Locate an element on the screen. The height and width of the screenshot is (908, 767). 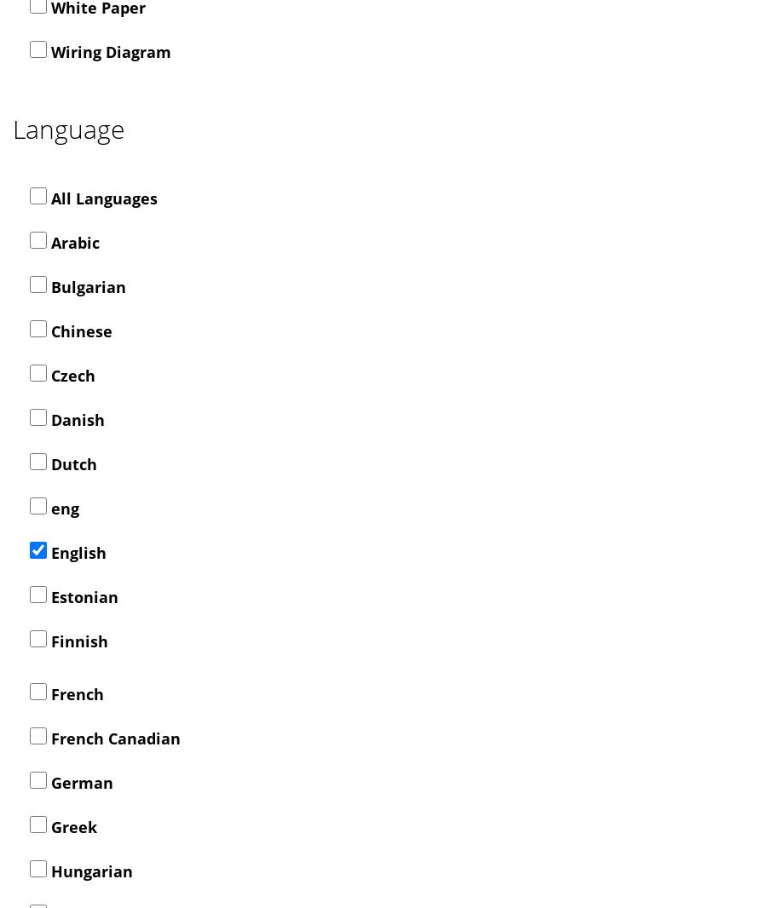
'Chinese' is located at coordinates (45, 330).